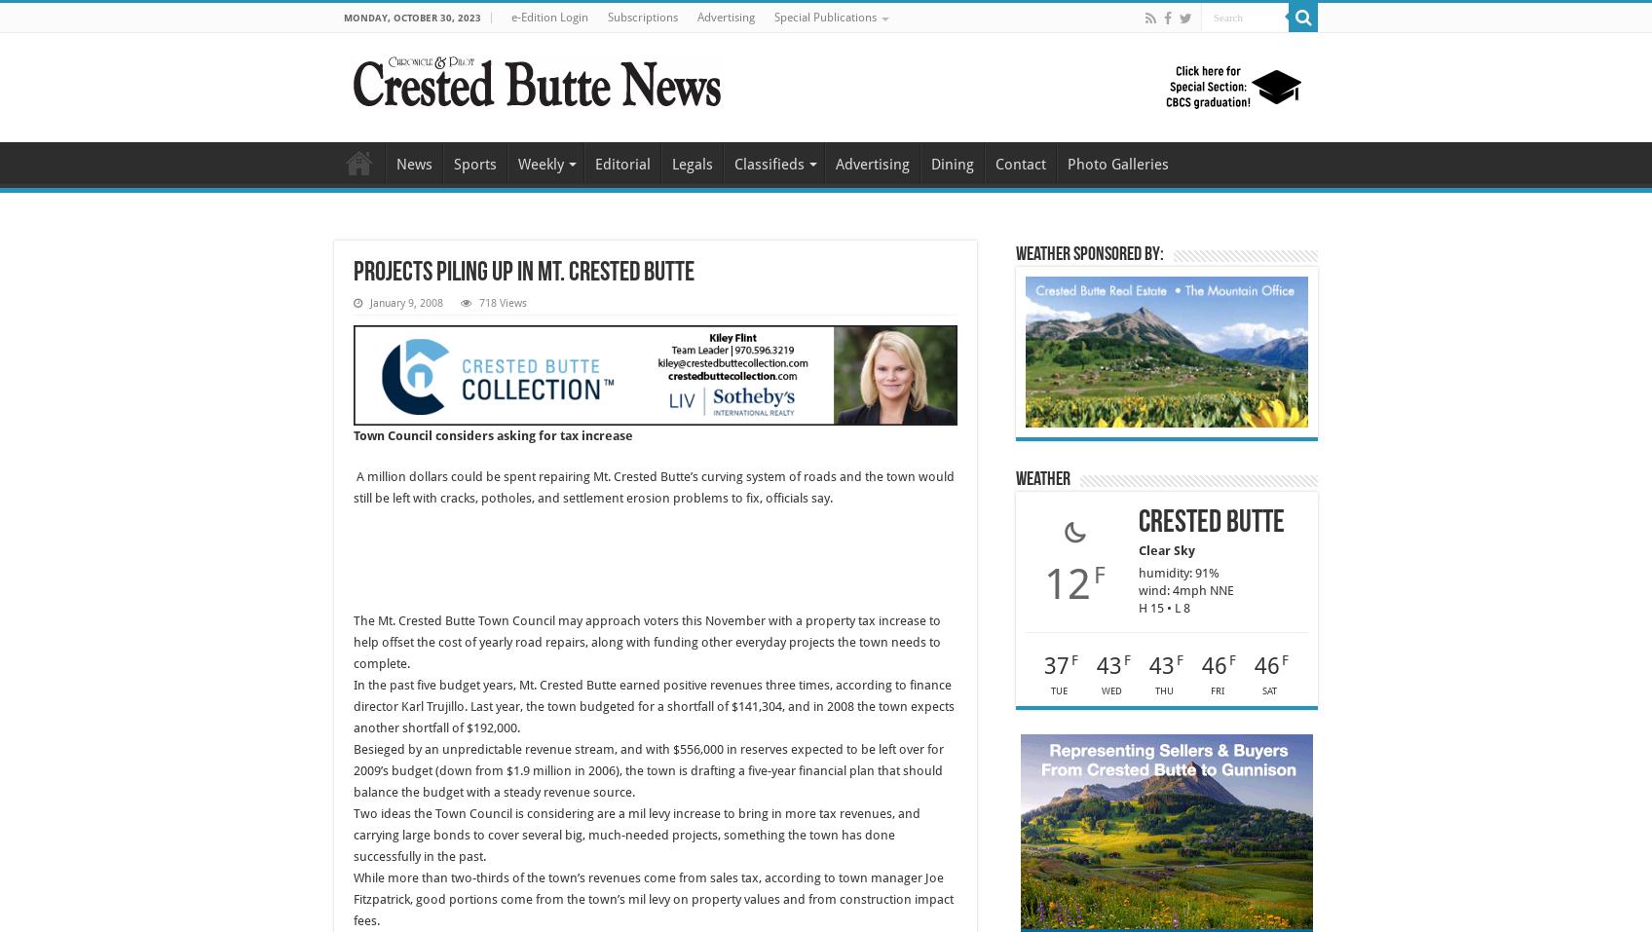 Image resolution: width=1652 pixels, height=932 pixels. I want to click on 'In the past five budget years, Mt. Crested Butte earned positive revenues three times, according to finance director Karl Trujillo. Last year, the town budgeted for a shortfall of $141,304, and in 2008 the town expects another shortfall of $192,000.', so click(653, 706).